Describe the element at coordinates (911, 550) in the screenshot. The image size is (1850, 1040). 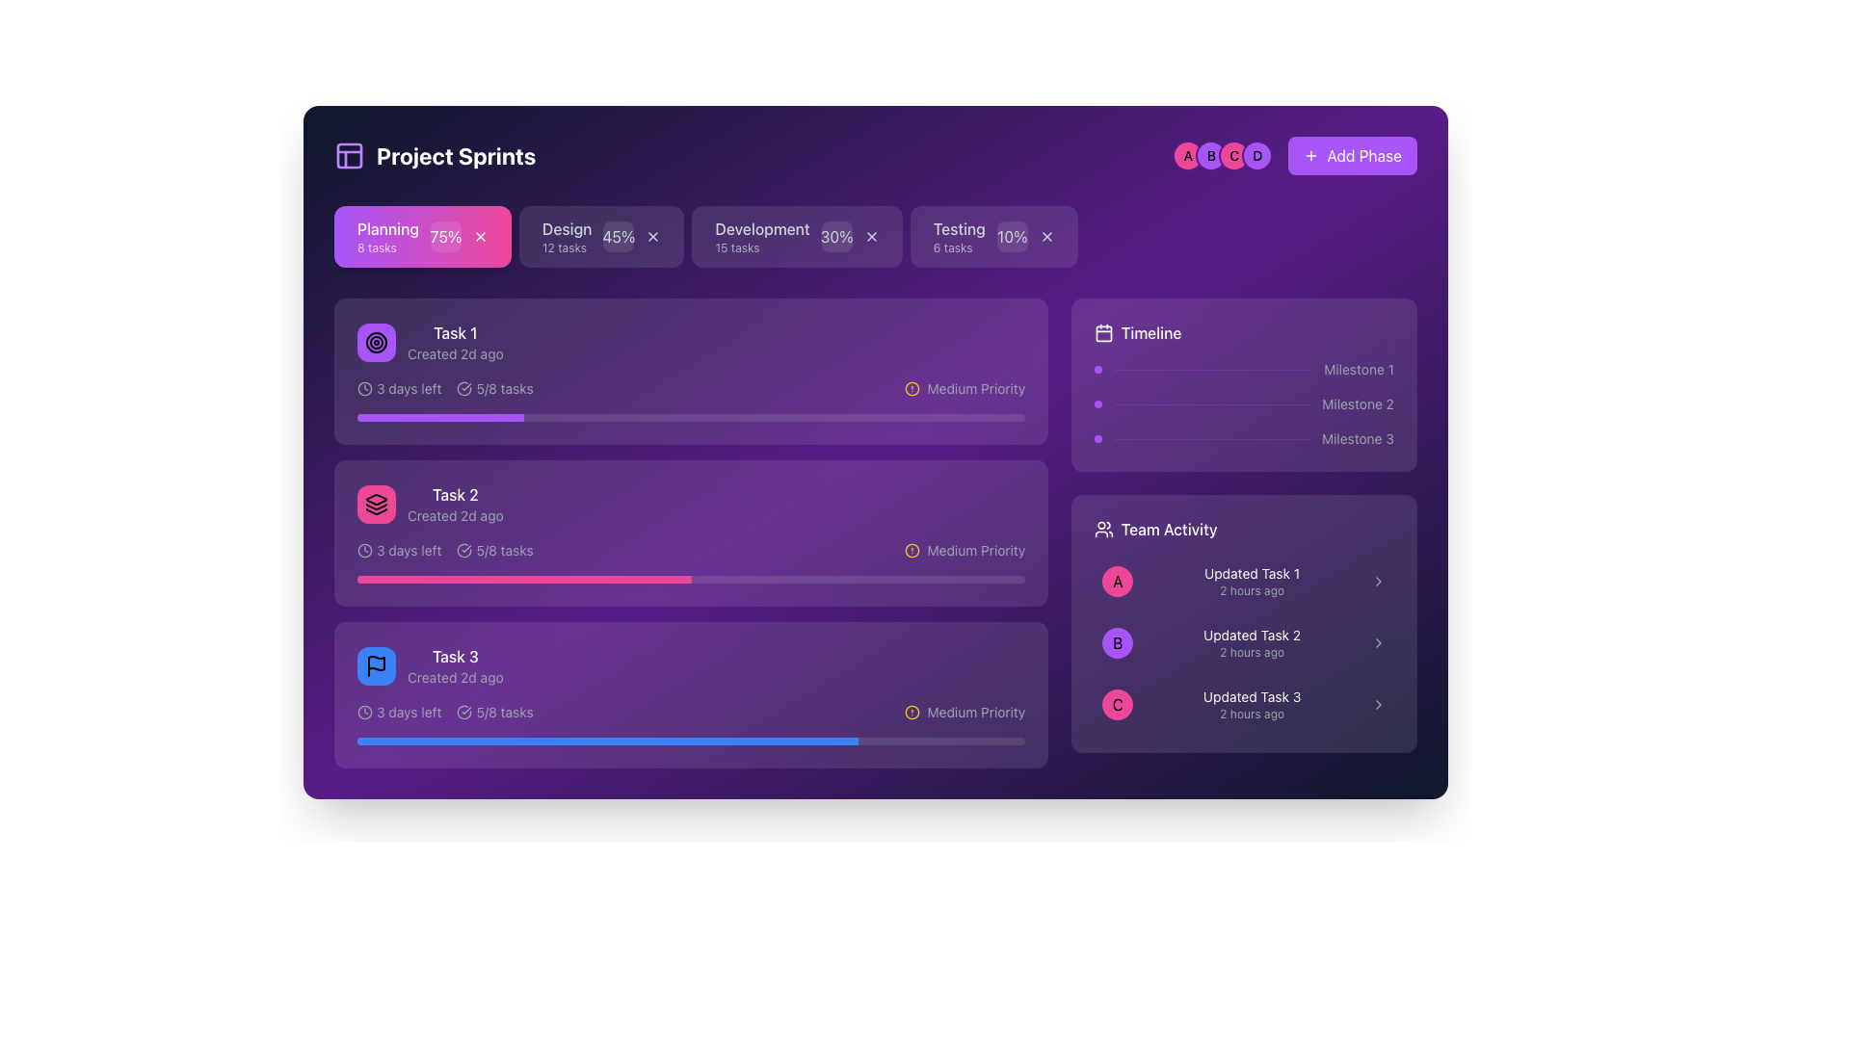
I see `the visual indication of task priority by interacting with the priority indicator represented as an SVG circle element, located to the left of the 'Medium Priority' label in the second task item of the main task list` at that location.